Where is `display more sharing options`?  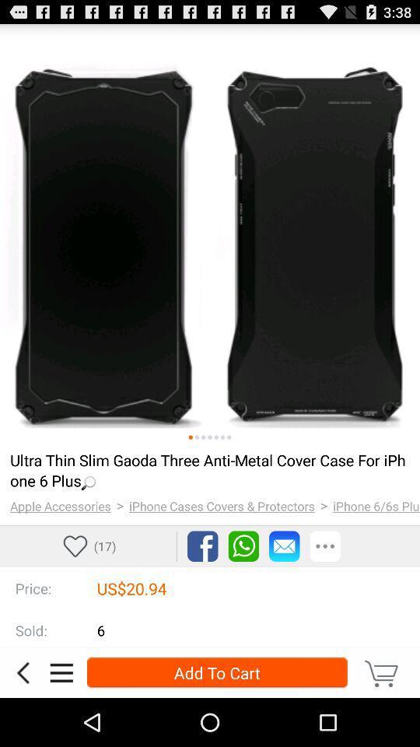
display more sharing options is located at coordinates (324, 546).